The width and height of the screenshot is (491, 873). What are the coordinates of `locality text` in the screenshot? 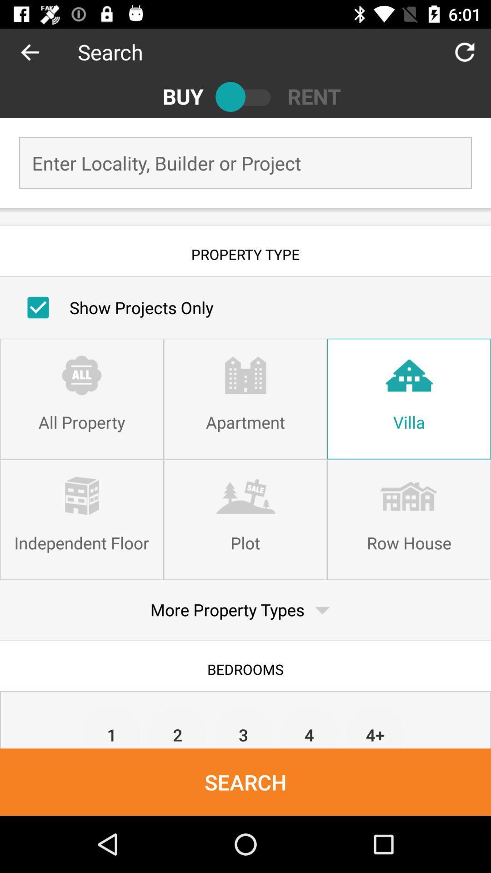 It's located at (245, 163).